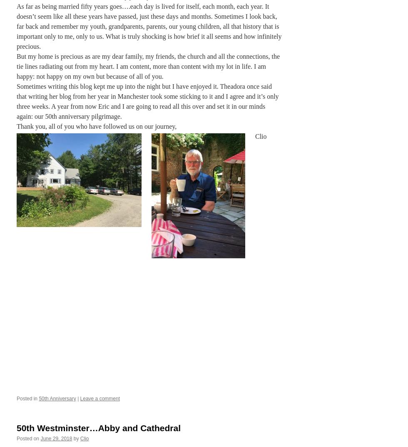 The width and height of the screenshot is (408, 447). Describe the element at coordinates (39, 398) in the screenshot. I see `'50th Anniversary'` at that location.